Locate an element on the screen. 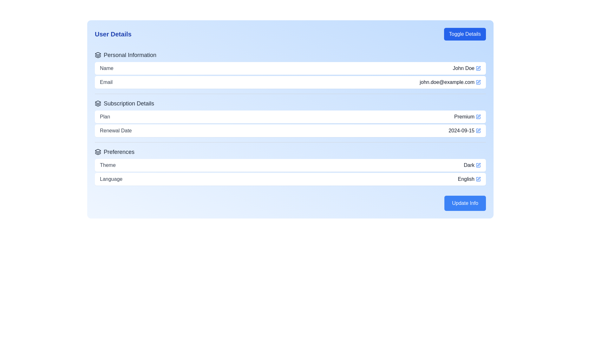 Image resolution: width=609 pixels, height=342 pixels. the 'Renewal Date' text element located in the 'Subscription Details' section, positioned towards the right-hand side of the row is located at coordinates (465, 130).